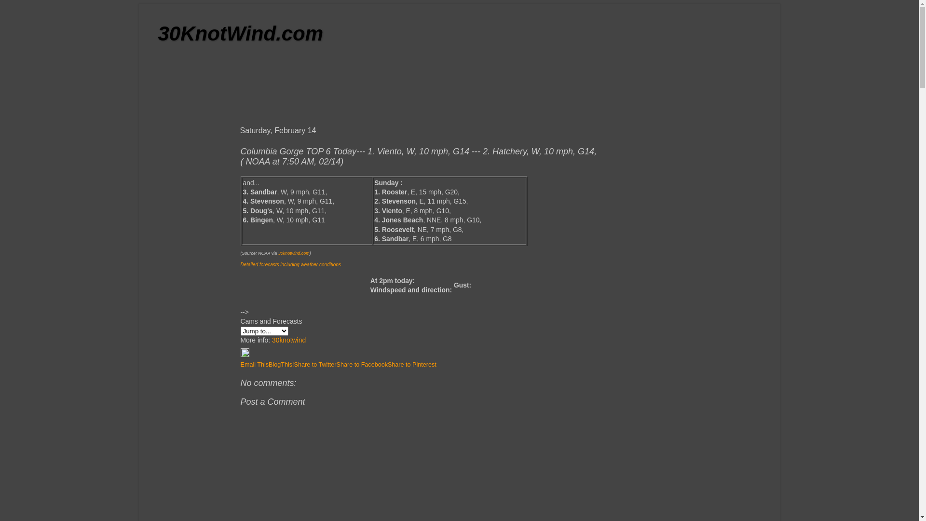 The width and height of the screenshot is (926, 521). Describe the element at coordinates (288, 340) in the screenshot. I see `'30knotwind'` at that location.